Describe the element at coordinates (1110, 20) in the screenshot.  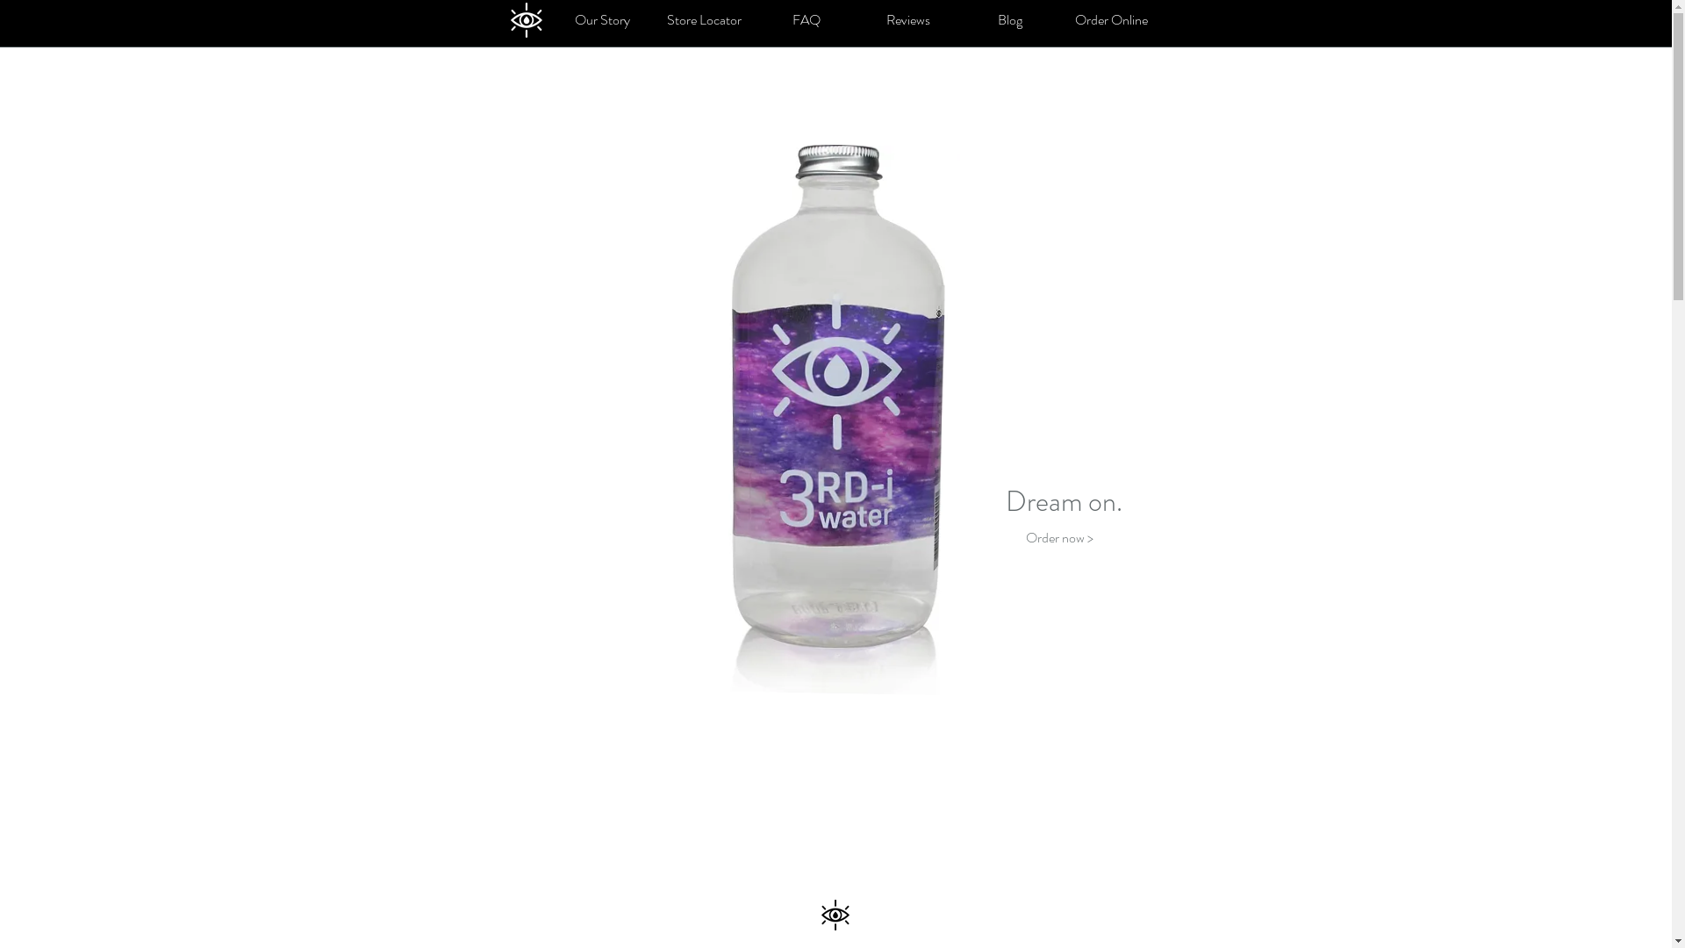
I see `'Order Online'` at that location.